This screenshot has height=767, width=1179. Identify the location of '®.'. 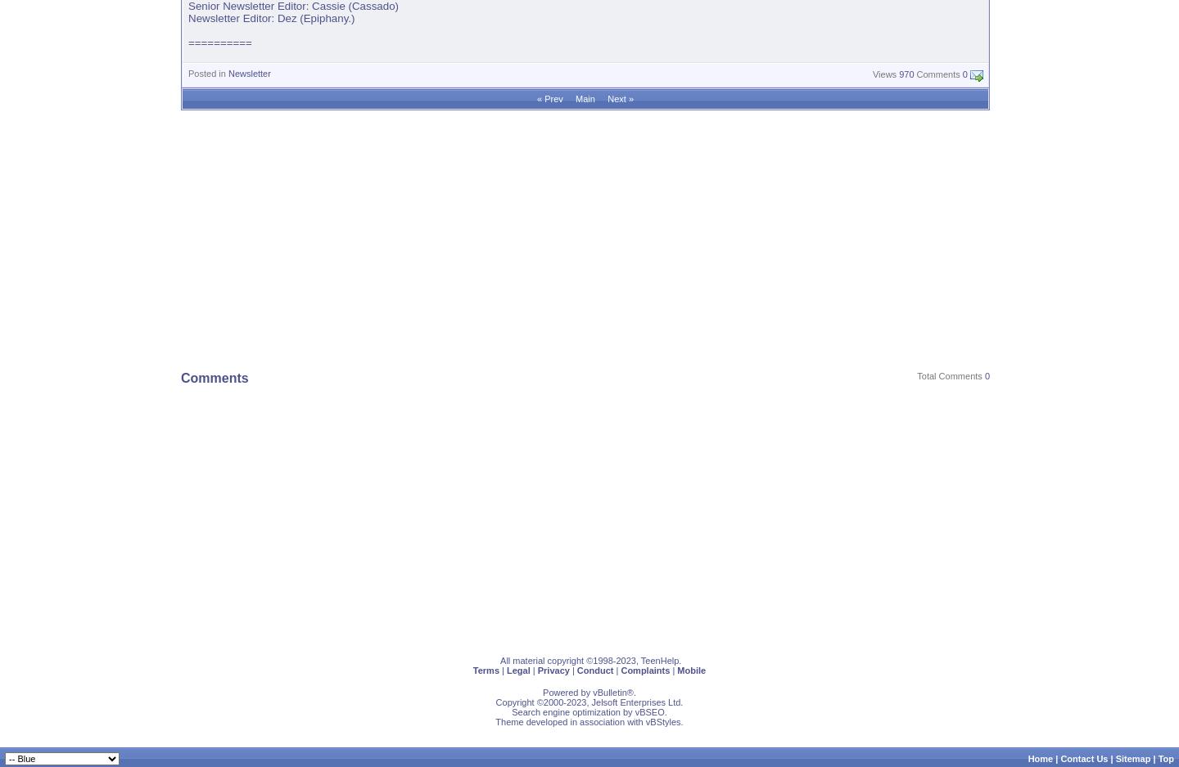
(630, 692).